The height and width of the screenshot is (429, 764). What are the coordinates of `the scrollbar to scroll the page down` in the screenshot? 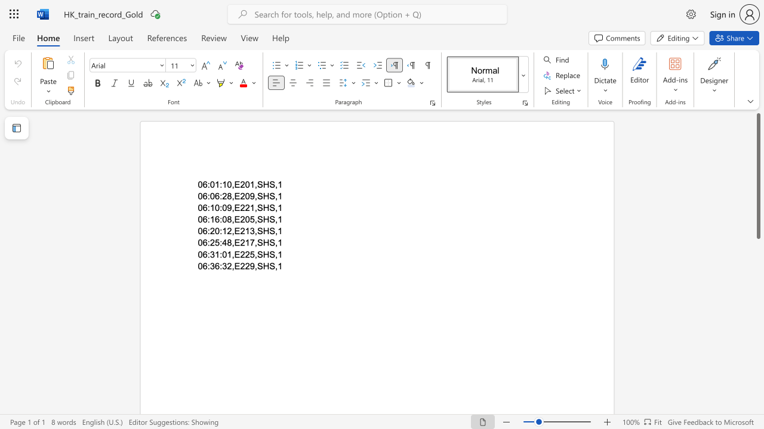 It's located at (757, 303).